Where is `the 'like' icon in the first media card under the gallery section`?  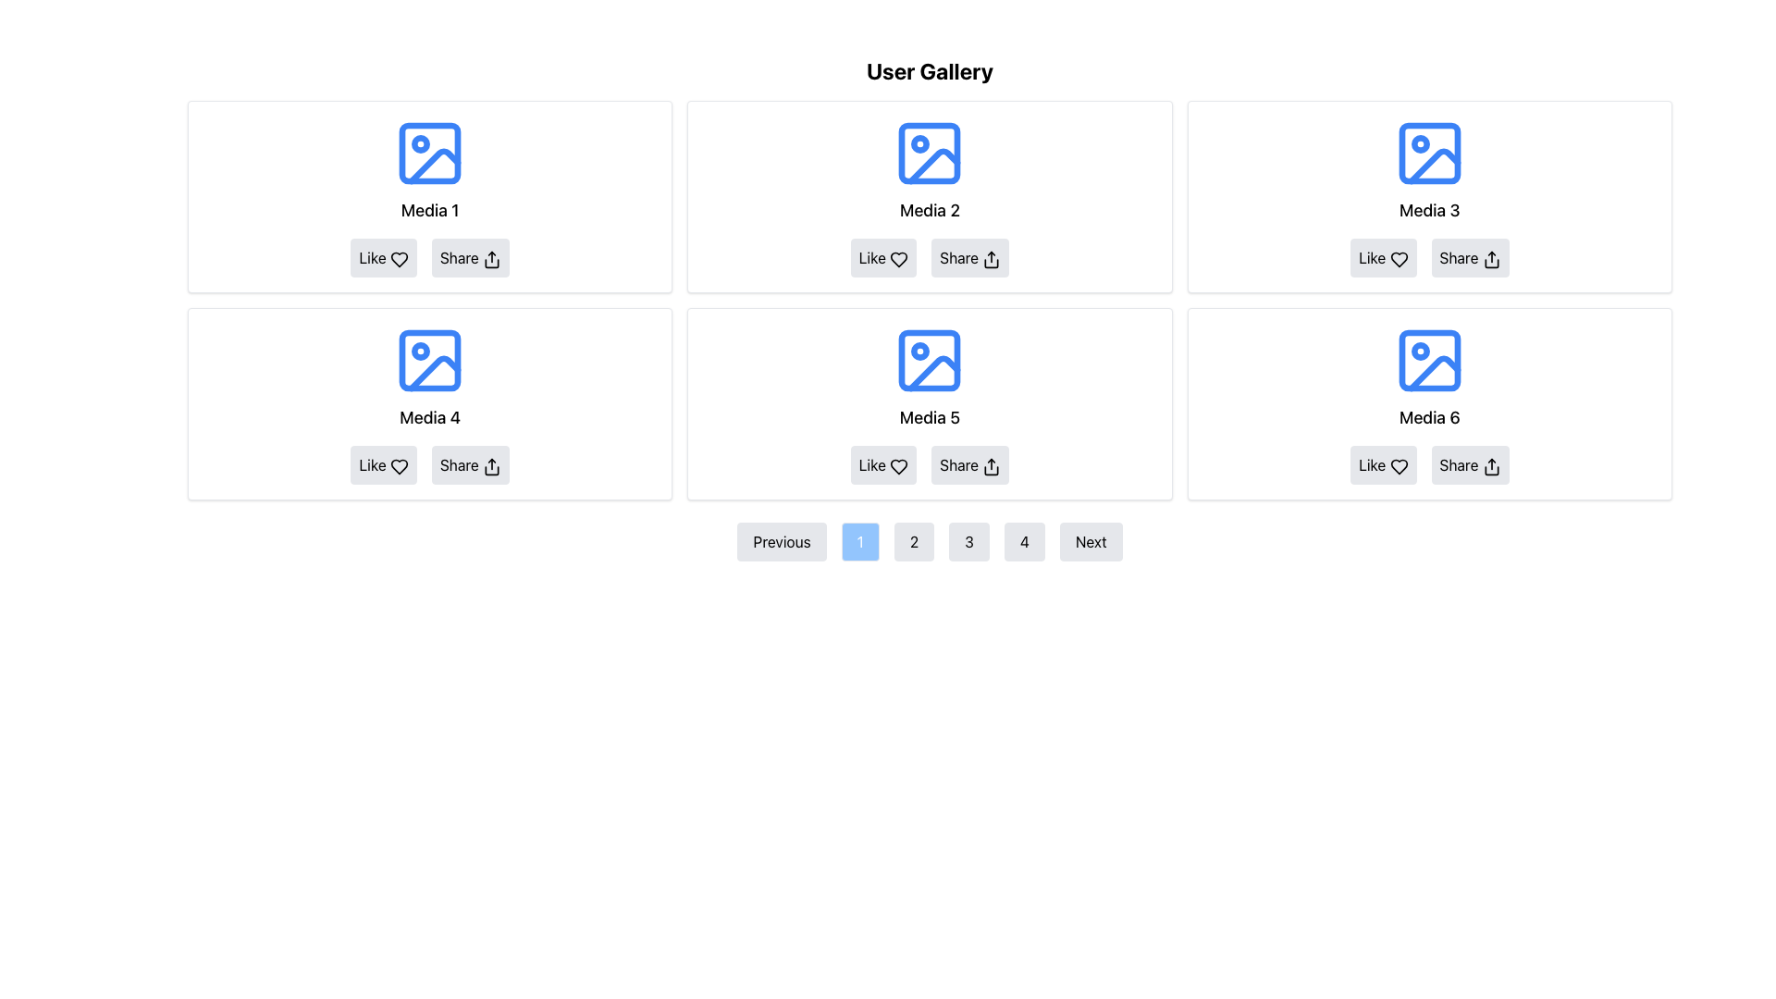
the 'like' icon in the first media card under the gallery section is located at coordinates (398, 259).